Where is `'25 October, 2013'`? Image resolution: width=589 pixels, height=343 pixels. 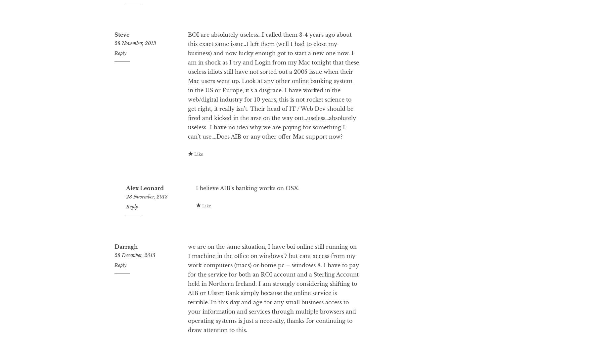 '25 October, 2013' is located at coordinates (144, 11).